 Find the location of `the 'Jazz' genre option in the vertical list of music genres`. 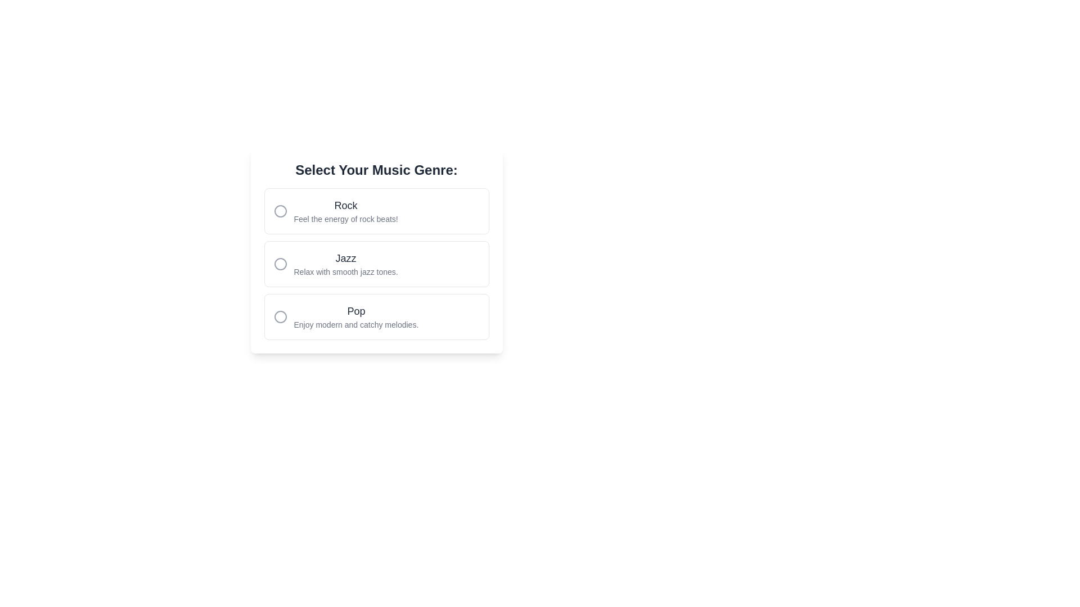

the 'Jazz' genre option in the vertical list of music genres is located at coordinates (376, 264).